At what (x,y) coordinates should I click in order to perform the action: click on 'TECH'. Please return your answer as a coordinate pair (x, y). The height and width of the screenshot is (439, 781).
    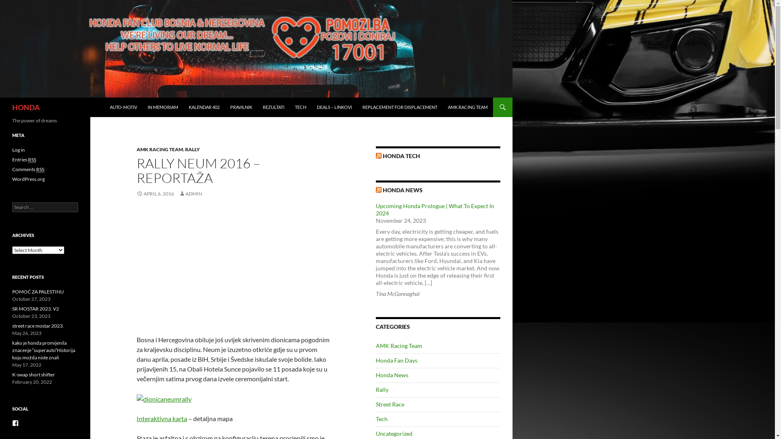
    Looking at the image, I should click on (300, 106).